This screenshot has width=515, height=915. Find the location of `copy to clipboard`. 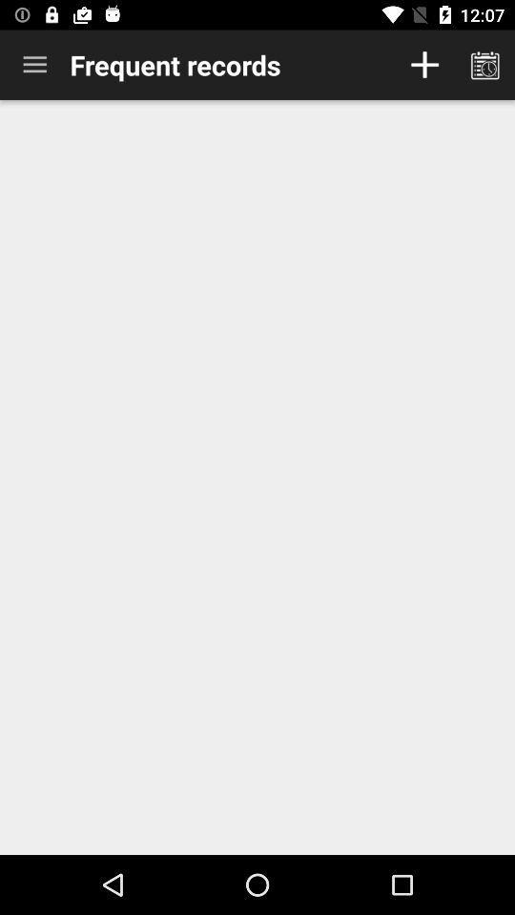

copy to clipboard is located at coordinates (484, 65).